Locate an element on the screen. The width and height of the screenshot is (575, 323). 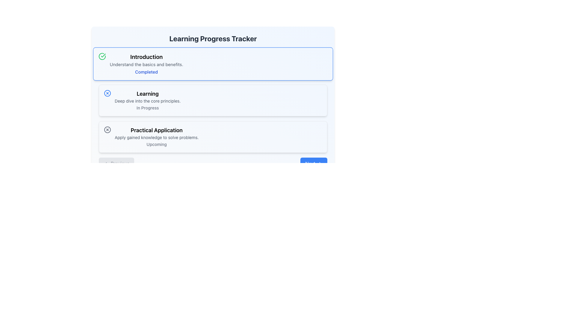
the text label reading 'Introduction' in bold, located in the 'Learning Progress Tracker' interface is located at coordinates (146, 57).